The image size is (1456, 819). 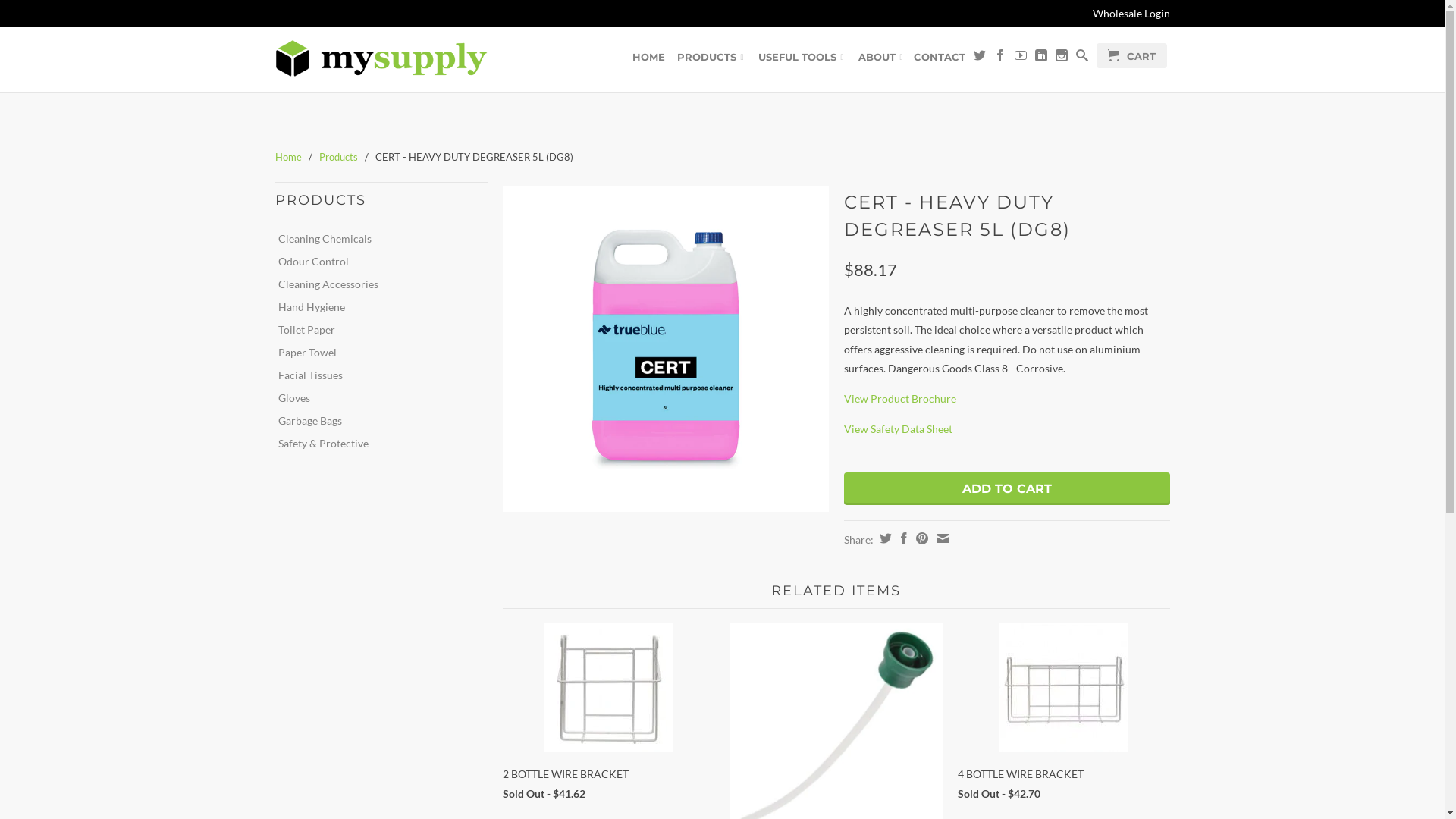 I want to click on 'mysupply on Instagram', so click(x=1061, y=58).